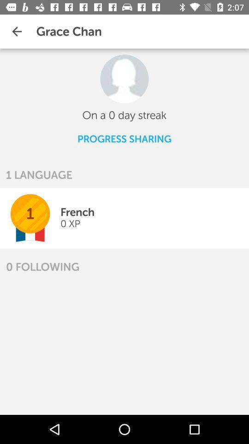 This screenshot has height=444, width=249. I want to click on the icon next to the 1, so click(77, 212).